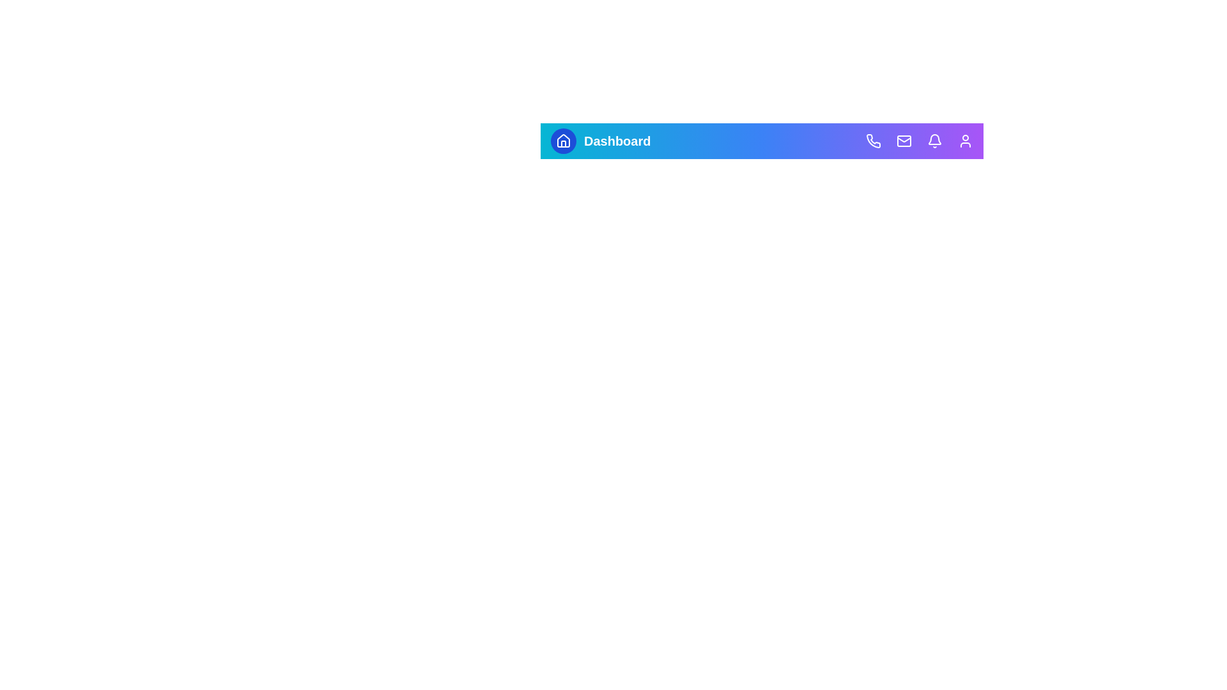  I want to click on the Phone icon to view its visual feedback, so click(873, 141).